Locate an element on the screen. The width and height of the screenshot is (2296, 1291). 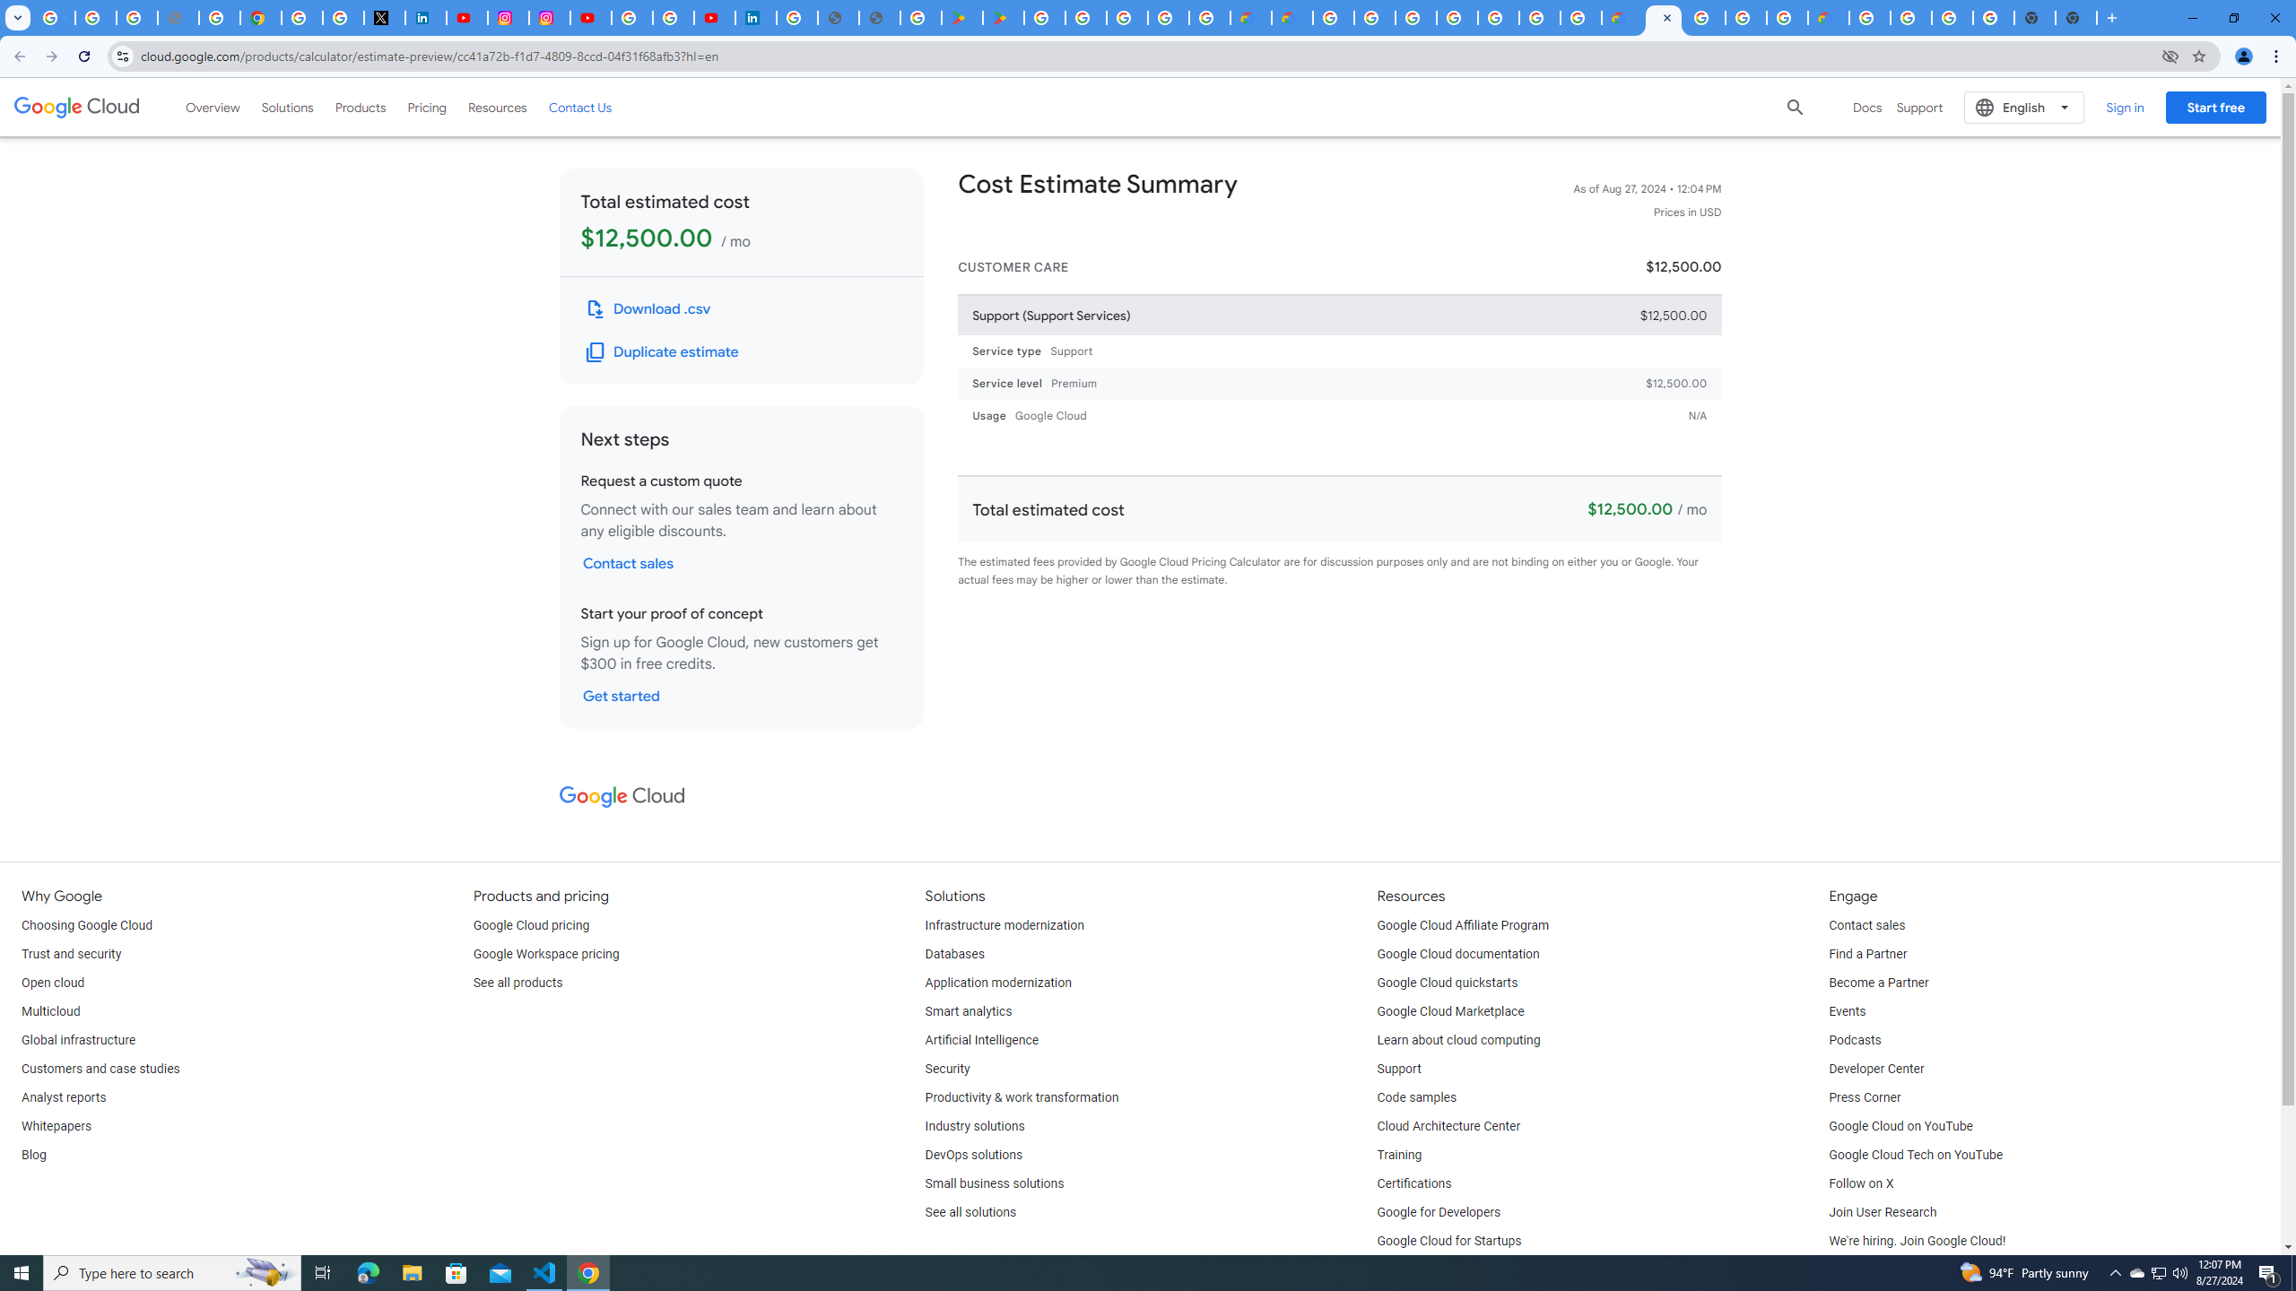
'PAW Patrol Rescue World - Apps on Google Play' is located at coordinates (1004, 17).